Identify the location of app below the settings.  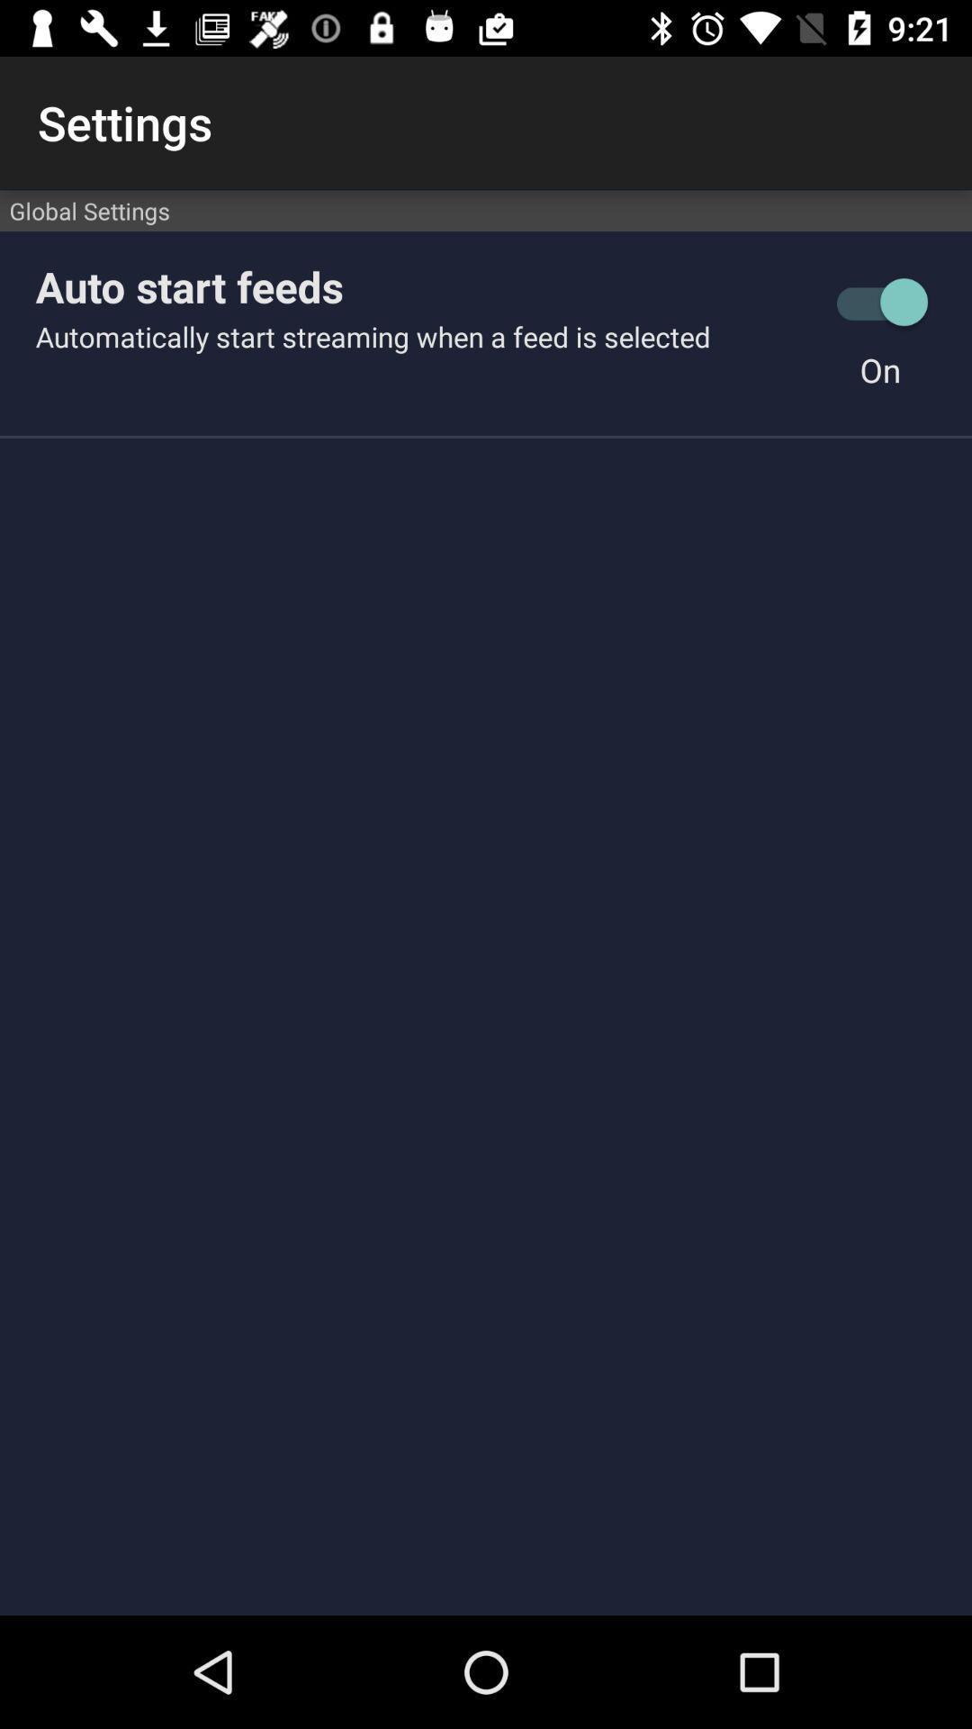
(486, 211).